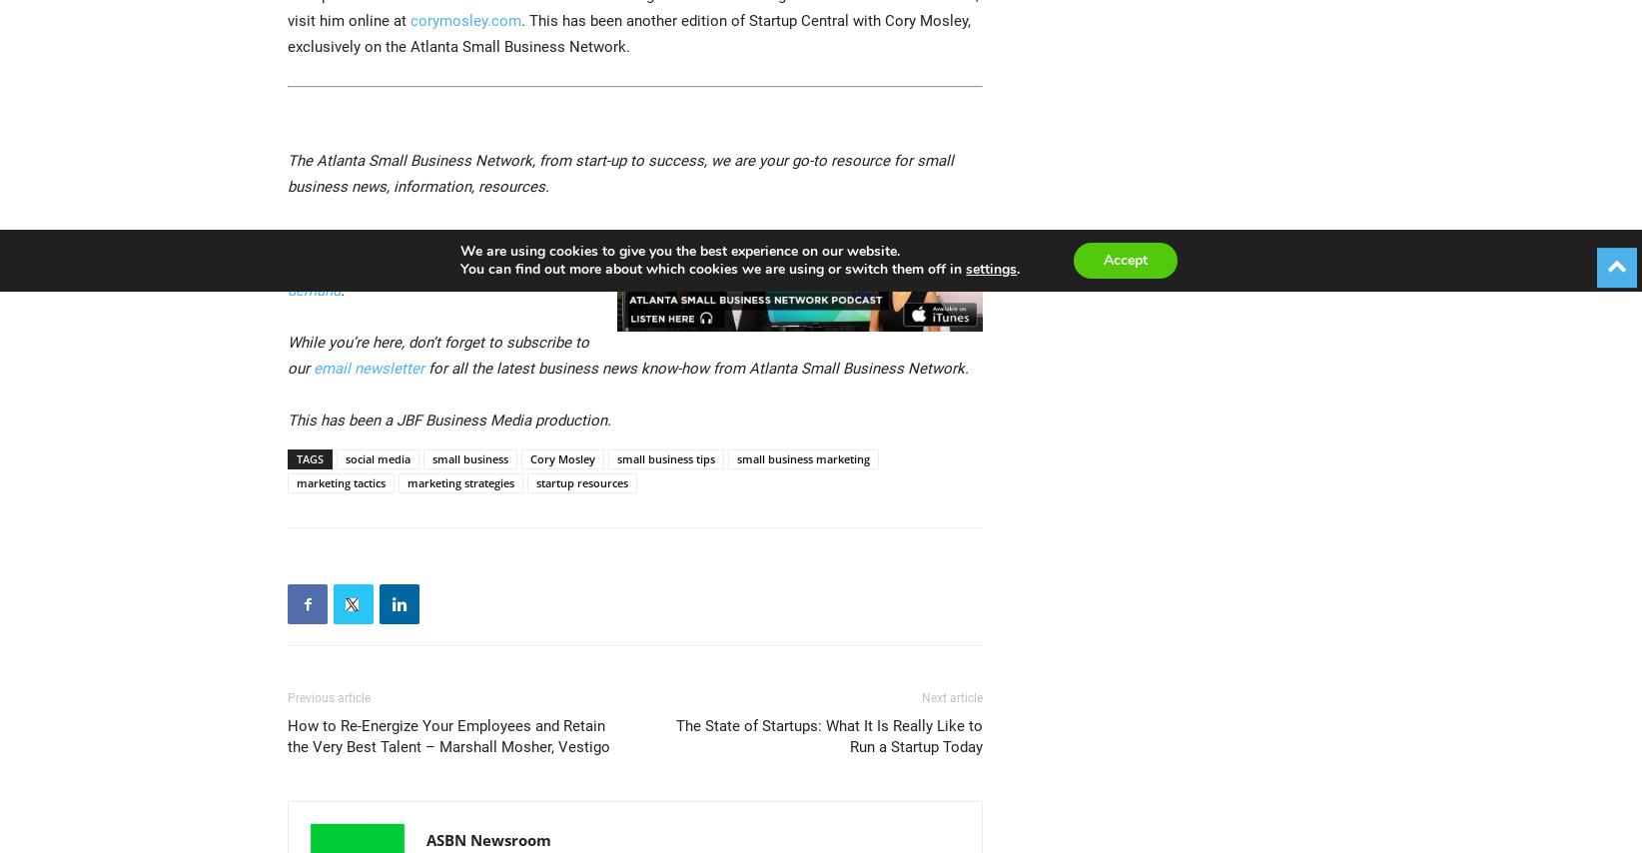 This screenshot has height=853, width=1642. I want to click on 'Accept', so click(1124, 259).